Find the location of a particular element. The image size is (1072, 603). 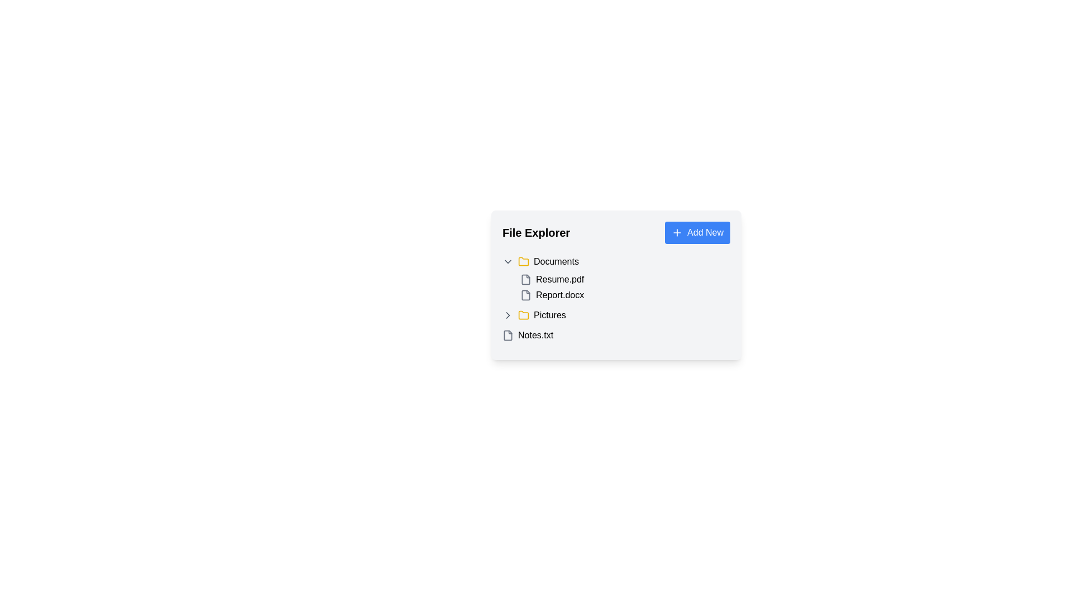

the folder icon representing the 'Pictures' directory in the file explorer interface is located at coordinates (523, 315).